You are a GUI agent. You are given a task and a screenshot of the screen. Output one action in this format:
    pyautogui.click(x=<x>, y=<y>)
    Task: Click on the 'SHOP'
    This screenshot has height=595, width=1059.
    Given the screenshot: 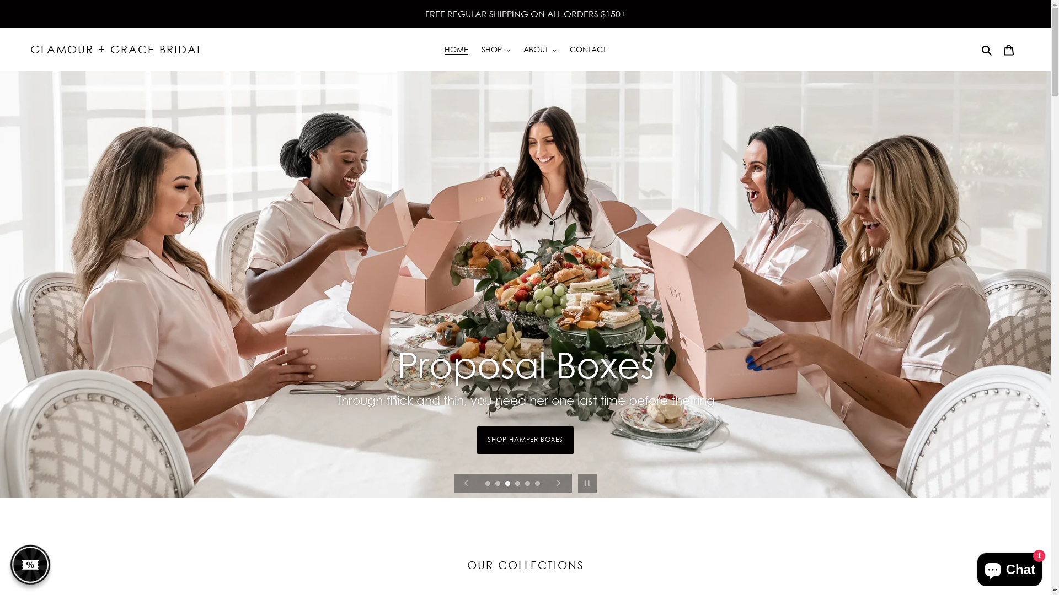 What is the action you would take?
    pyautogui.click(x=495, y=48)
    